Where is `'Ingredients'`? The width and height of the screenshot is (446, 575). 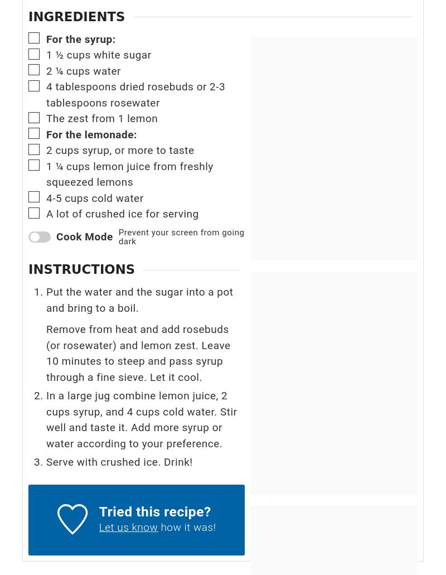 'Ingredients' is located at coordinates (76, 16).